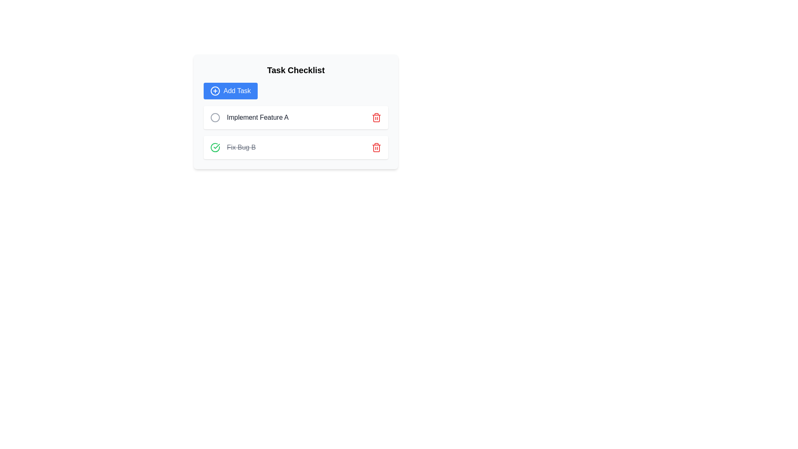 The height and width of the screenshot is (449, 798). I want to click on the completion checkbox icon located on the left side of the task list item titled 'Fix Bug B', so click(215, 147).